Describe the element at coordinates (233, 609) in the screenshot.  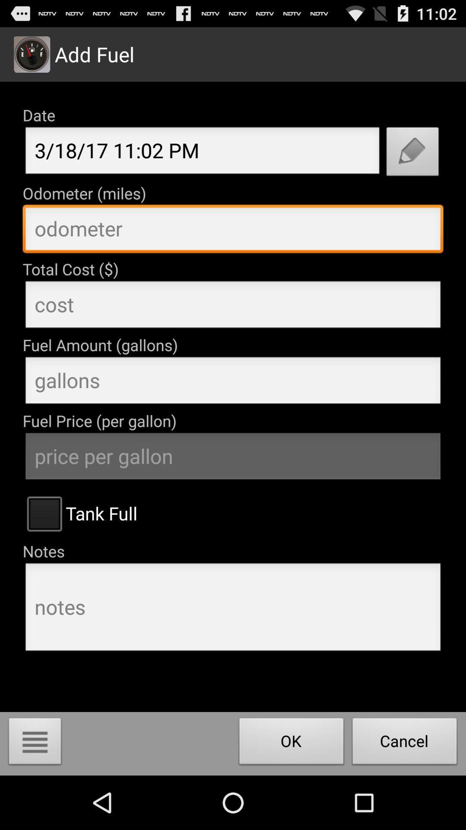
I see `this is a box to enter notes` at that location.